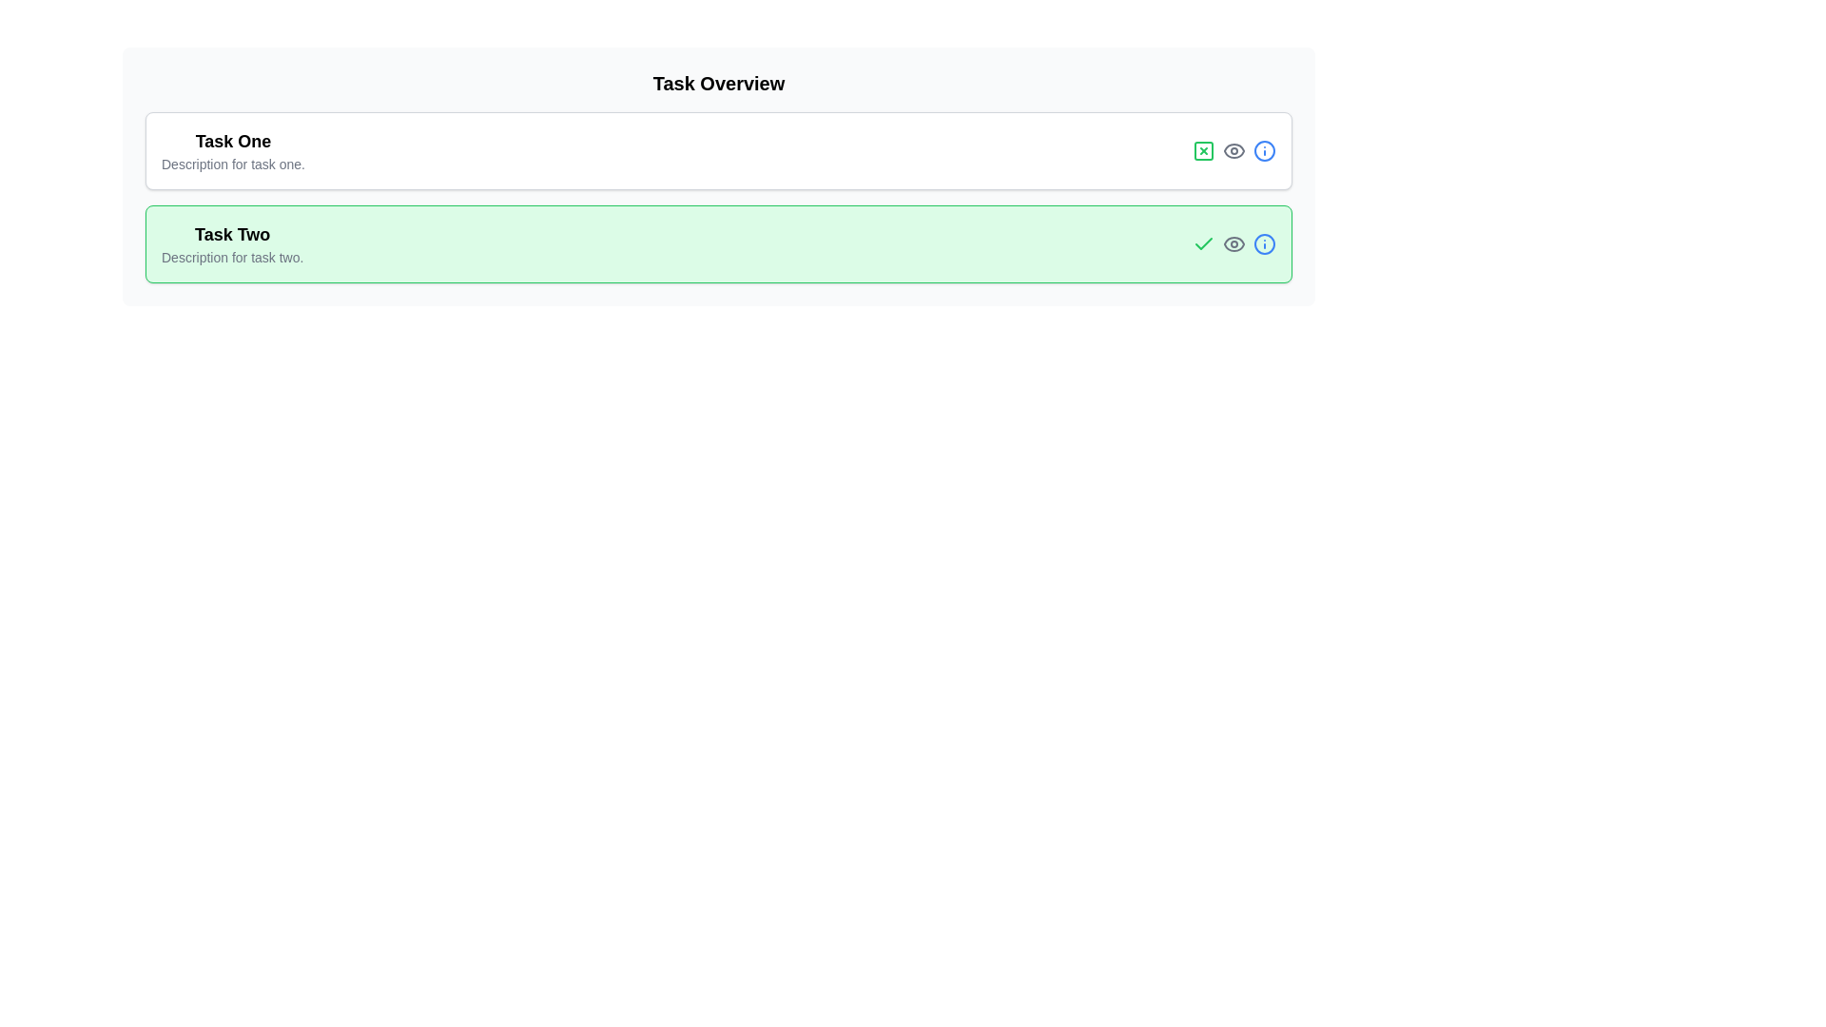  What do you see at coordinates (1264, 243) in the screenshot?
I see `the information button icon located on the right side of the green task box labeled 'Task Two', which is the third interactive icon in the row of icons` at bounding box center [1264, 243].